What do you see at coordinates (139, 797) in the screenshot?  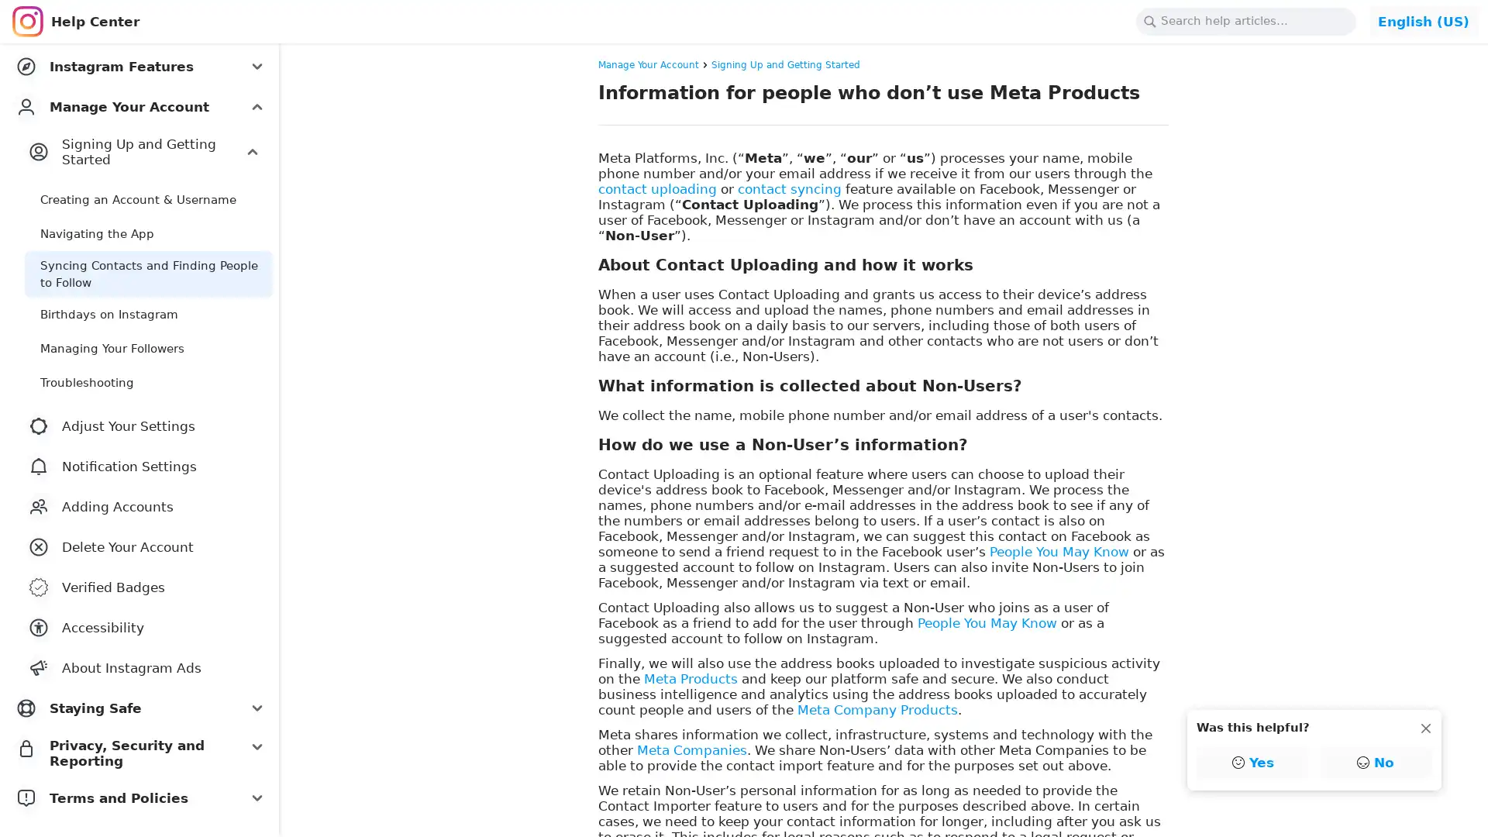 I see `Terms and Policies` at bounding box center [139, 797].